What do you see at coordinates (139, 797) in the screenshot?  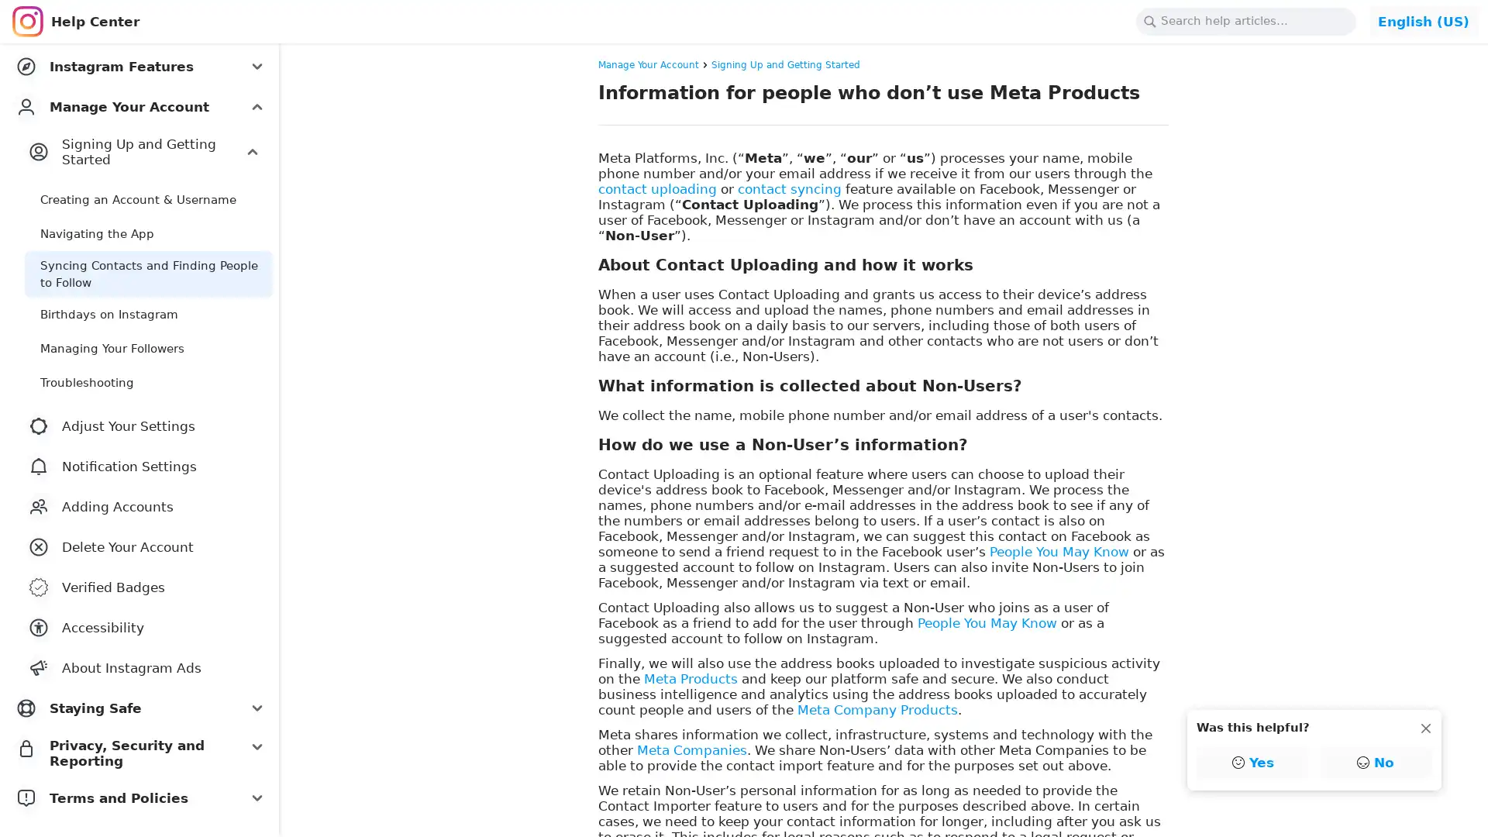 I see `Terms and Policies` at bounding box center [139, 797].